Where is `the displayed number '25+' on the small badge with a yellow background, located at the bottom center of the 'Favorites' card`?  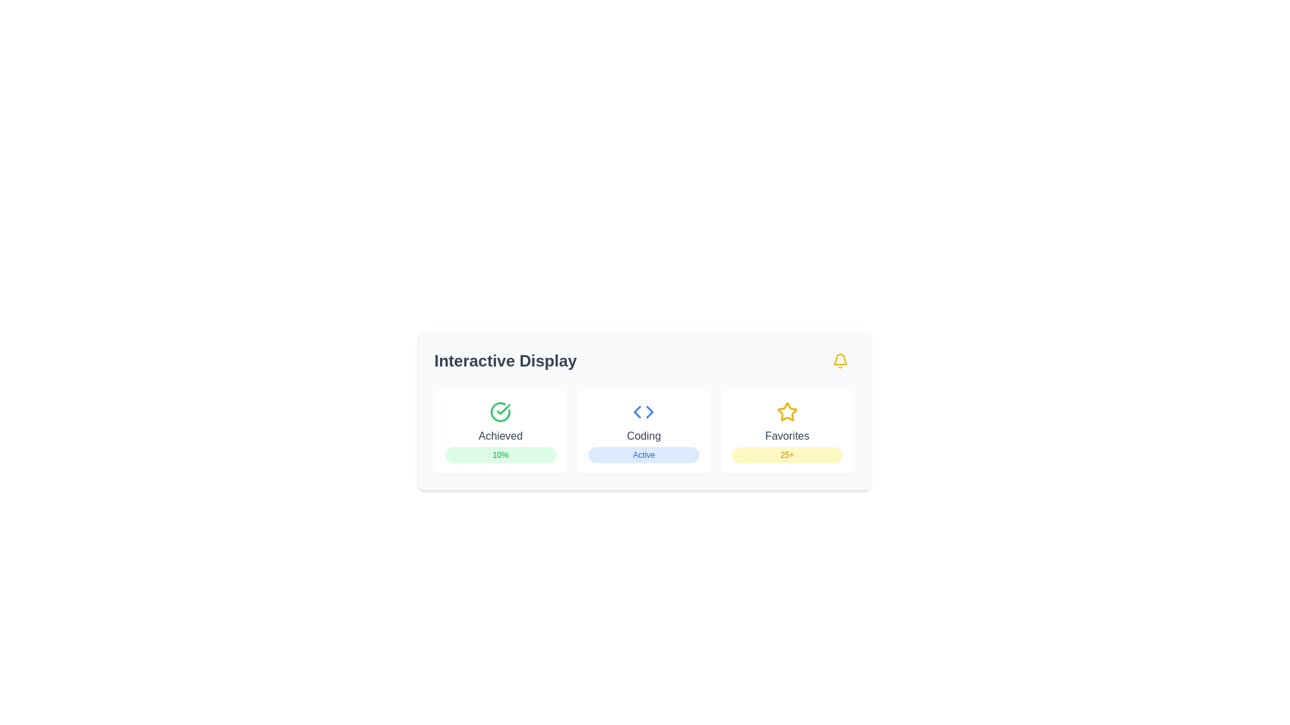 the displayed number '25+' on the small badge with a yellow background, located at the bottom center of the 'Favorites' card is located at coordinates (787, 454).